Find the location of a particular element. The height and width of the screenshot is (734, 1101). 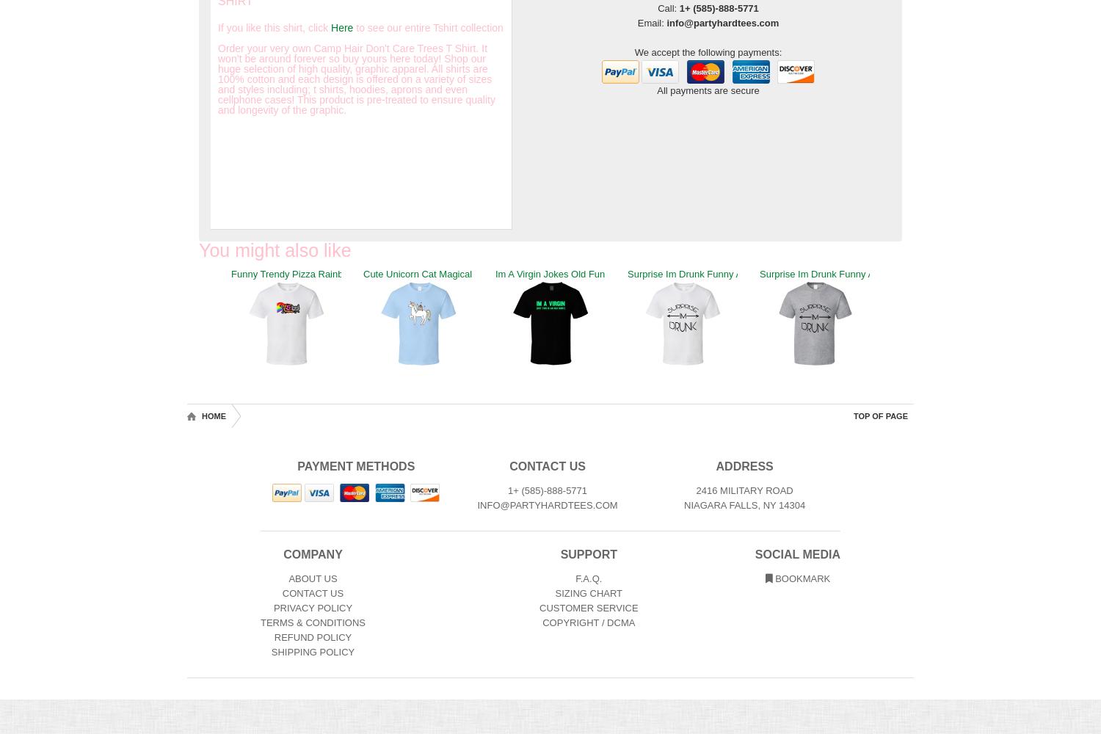

'Email:' is located at coordinates (652, 23).